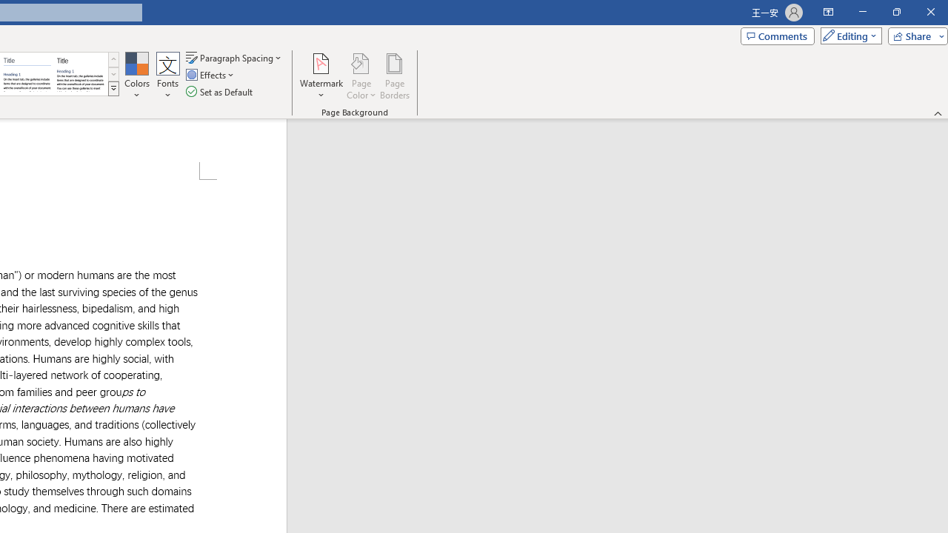  I want to click on 'Word 2010', so click(27, 74).